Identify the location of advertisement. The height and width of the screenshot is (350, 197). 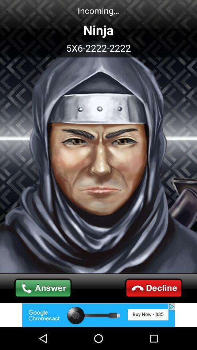
(98, 315).